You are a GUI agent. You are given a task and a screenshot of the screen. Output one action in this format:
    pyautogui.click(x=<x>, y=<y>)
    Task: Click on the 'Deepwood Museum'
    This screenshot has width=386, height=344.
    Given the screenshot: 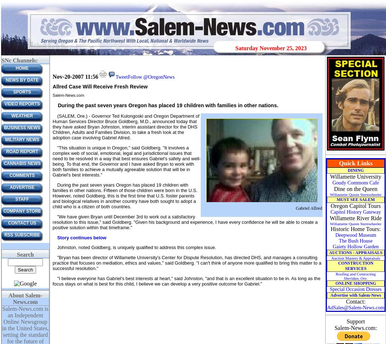 What is the action you would take?
    pyautogui.click(x=355, y=235)
    